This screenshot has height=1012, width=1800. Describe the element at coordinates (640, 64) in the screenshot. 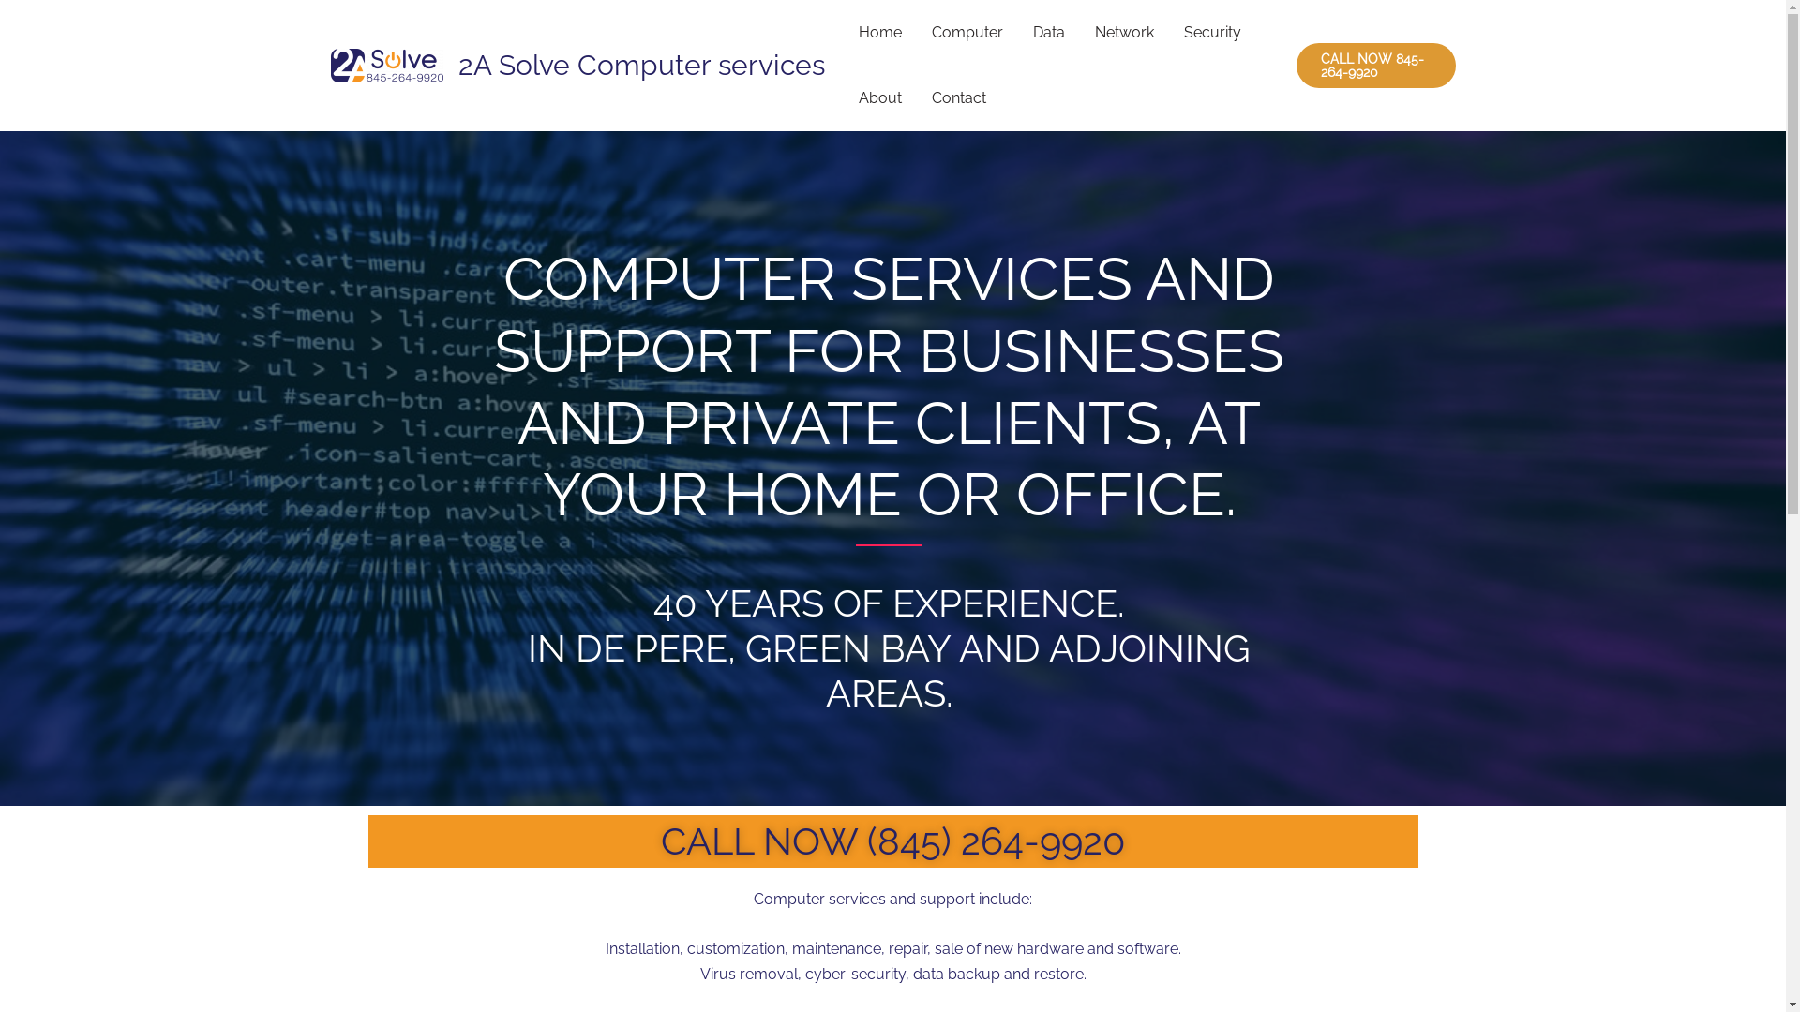

I see `'2A Solve Computer services'` at that location.